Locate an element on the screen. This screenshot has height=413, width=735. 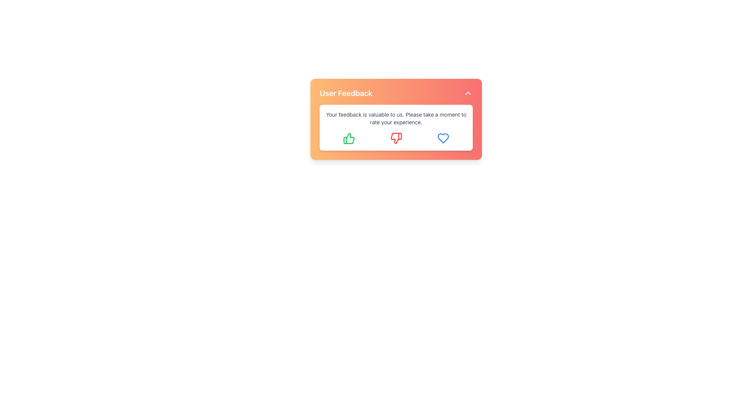
the green thumbs-up icon button located in the 'User Feedback' section is located at coordinates (349, 138).